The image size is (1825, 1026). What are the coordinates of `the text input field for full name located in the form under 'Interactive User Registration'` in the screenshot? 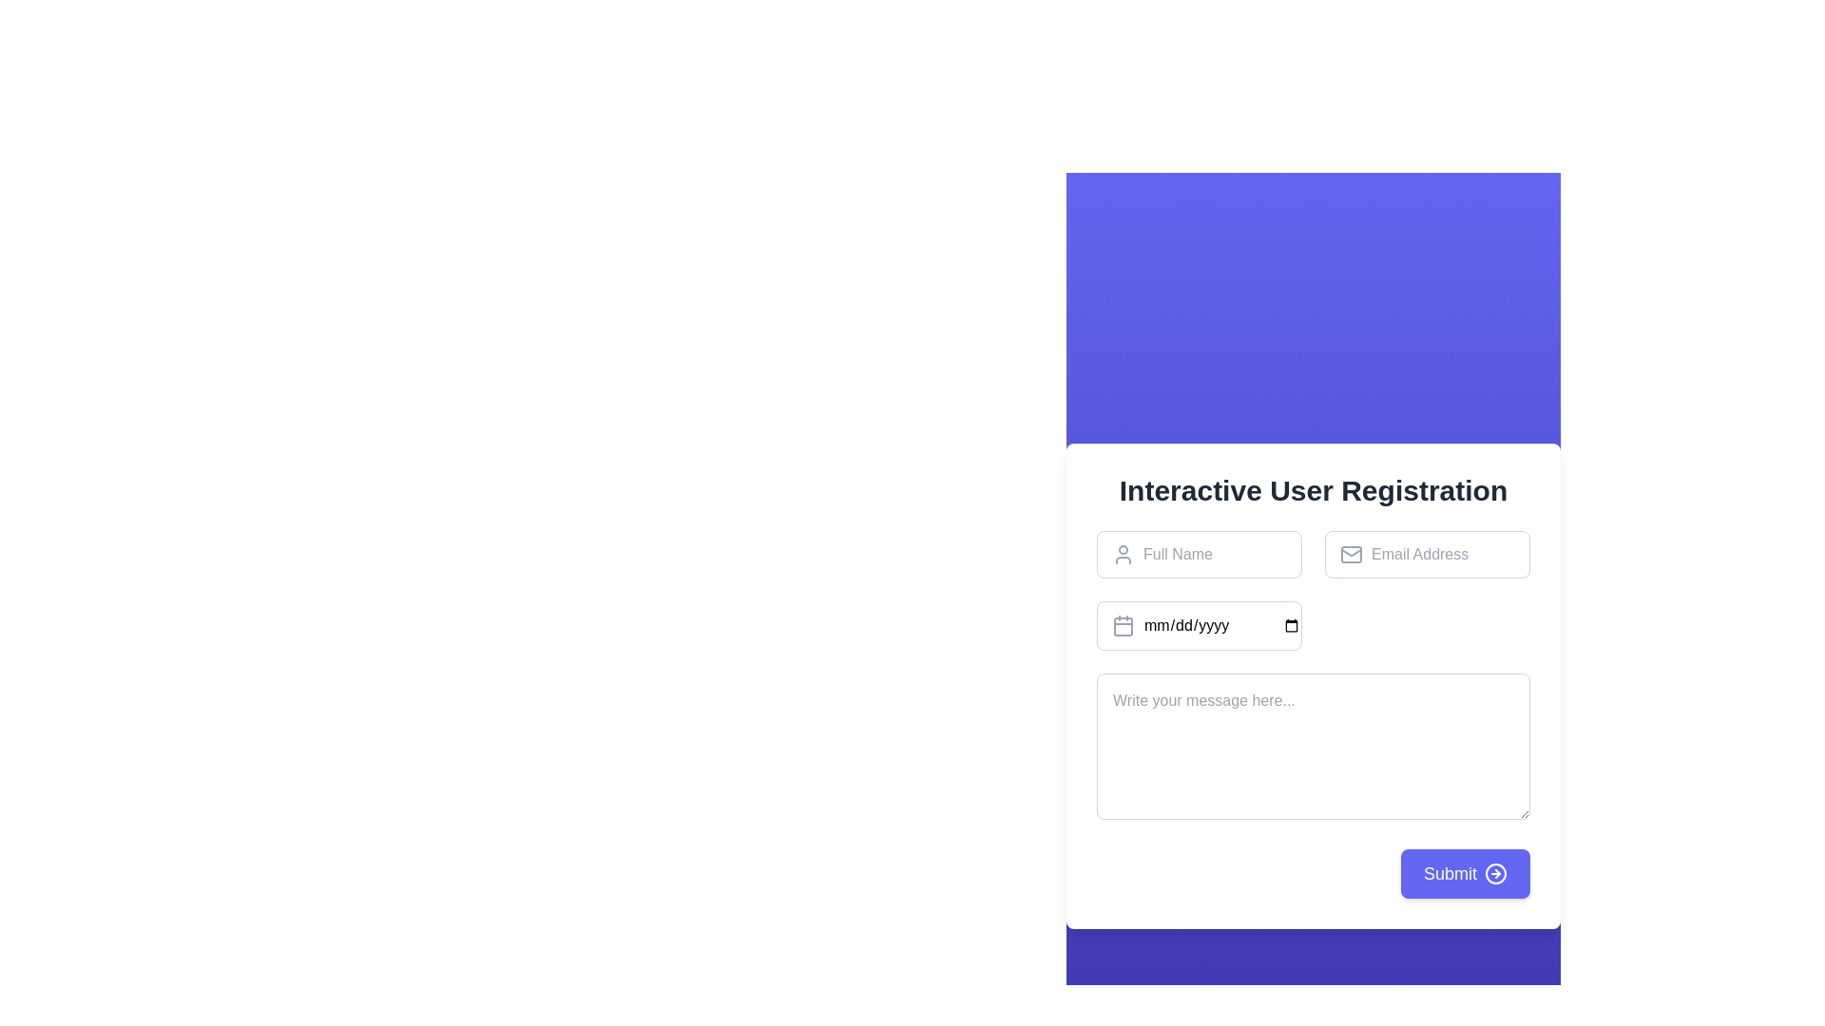 It's located at (1199, 554).